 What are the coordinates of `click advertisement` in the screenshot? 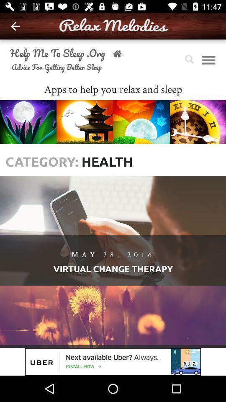 It's located at (113, 361).